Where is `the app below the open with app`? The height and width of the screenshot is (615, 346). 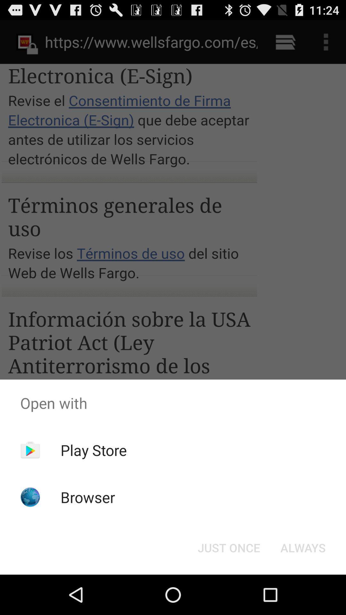 the app below the open with app is located at coordinates (94, 450).